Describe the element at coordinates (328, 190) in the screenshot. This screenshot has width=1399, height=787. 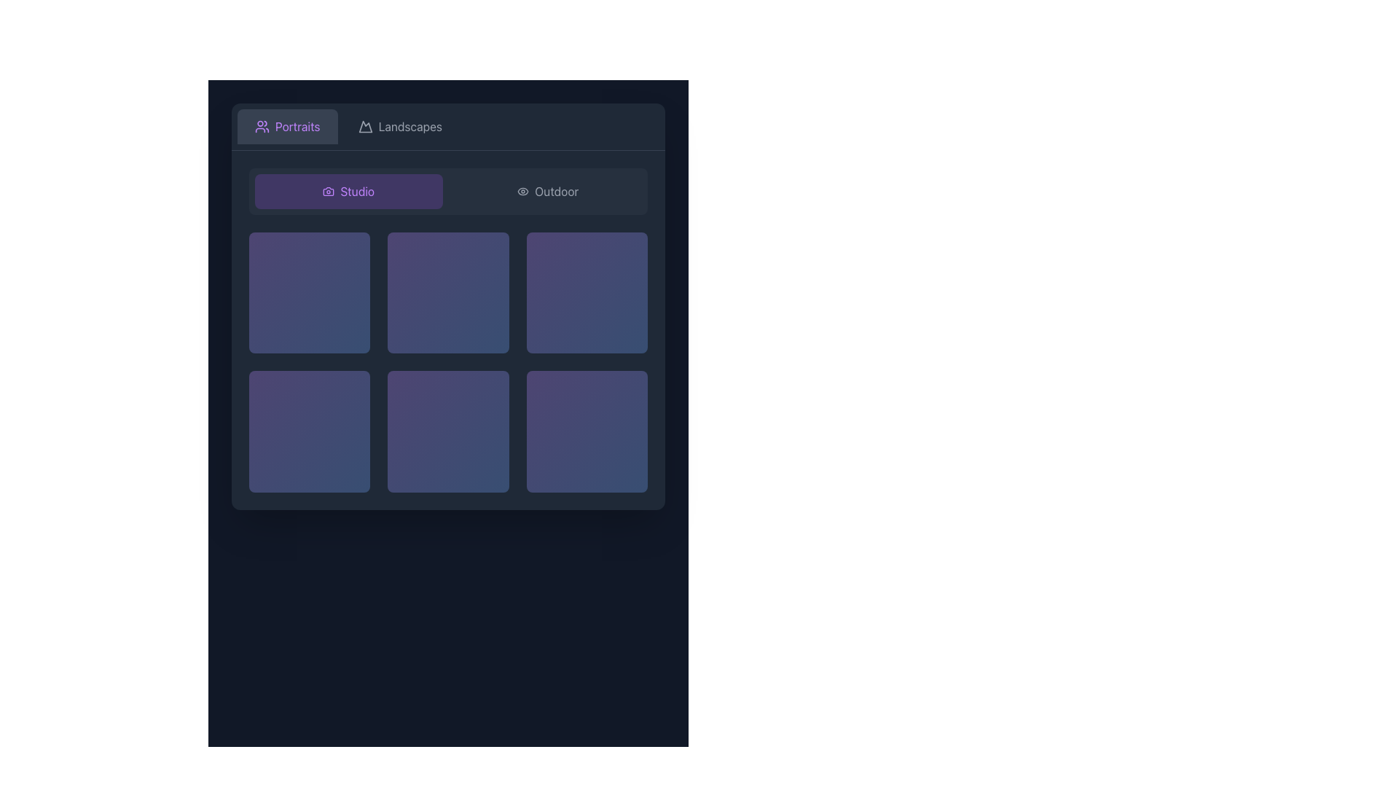
I see `the camera icon located inside the 'Studio' button to trigger the tooltip` at that location.